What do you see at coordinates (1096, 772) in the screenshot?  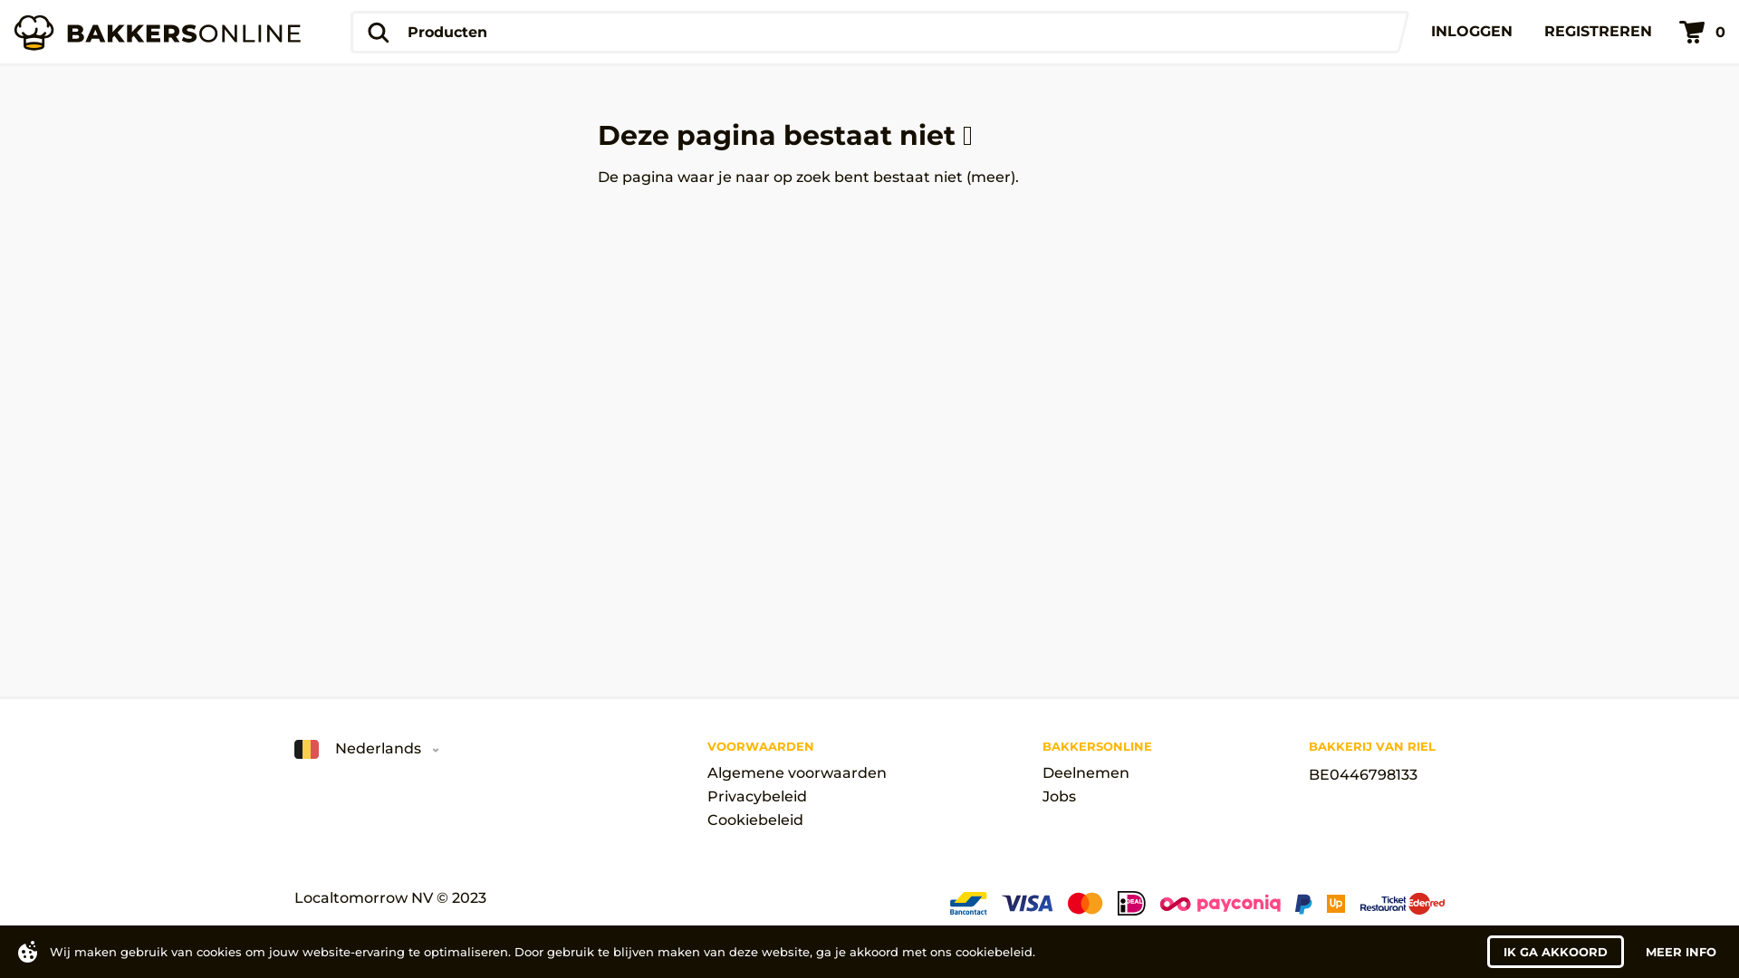 I see `'Deelnemen'` at bounding box center [1096, 772].